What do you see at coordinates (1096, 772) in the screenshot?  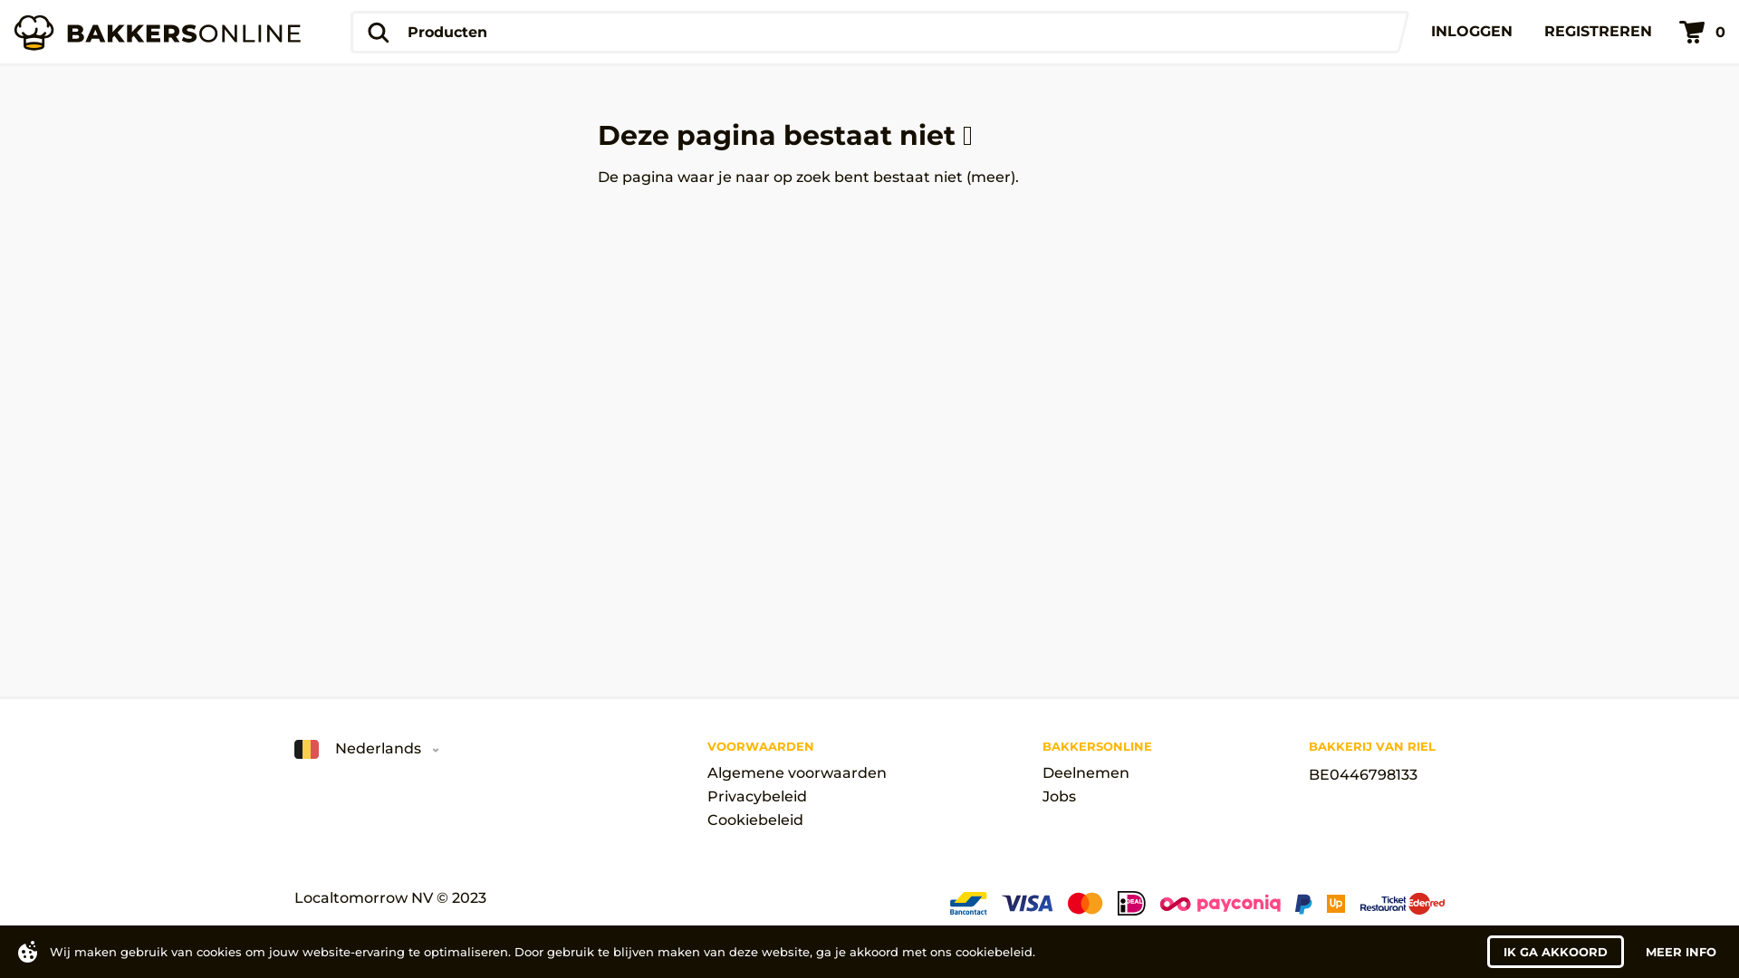 I see `'Deelnemen'` at bounding box center [1096, 772].